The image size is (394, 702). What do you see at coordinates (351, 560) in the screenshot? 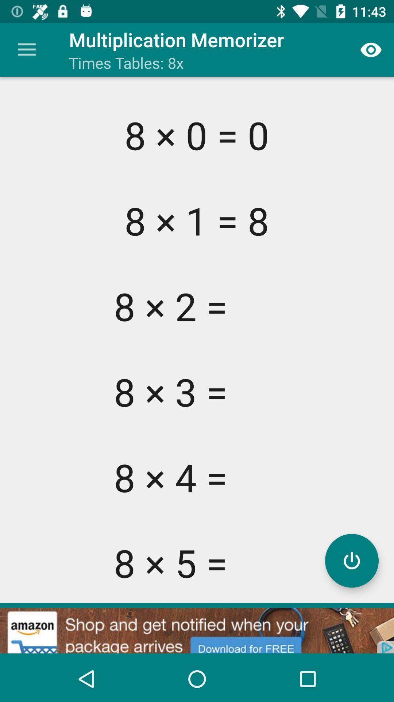
I see `turn off` at bounding box center [351, 560].